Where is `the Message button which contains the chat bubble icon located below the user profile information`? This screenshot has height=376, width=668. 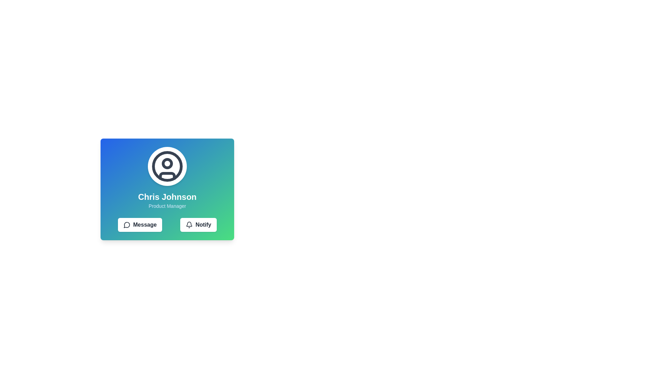 the Message button which contains the chat bubble icon located below the user profile information is located at coordinates (127, 225).